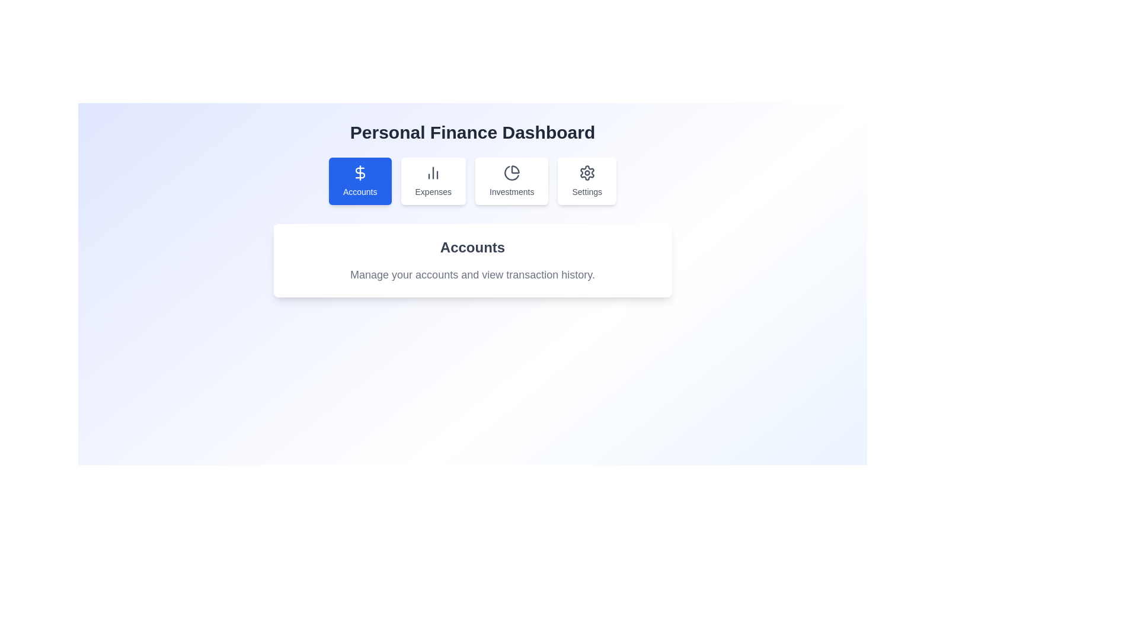  Describe the element at coordinates (472, 247) in the screenshot. I see `the heading text element that indicates the purpose or title of the section, located above the text 'Manage your accounts and view transaction history.'` at that location.